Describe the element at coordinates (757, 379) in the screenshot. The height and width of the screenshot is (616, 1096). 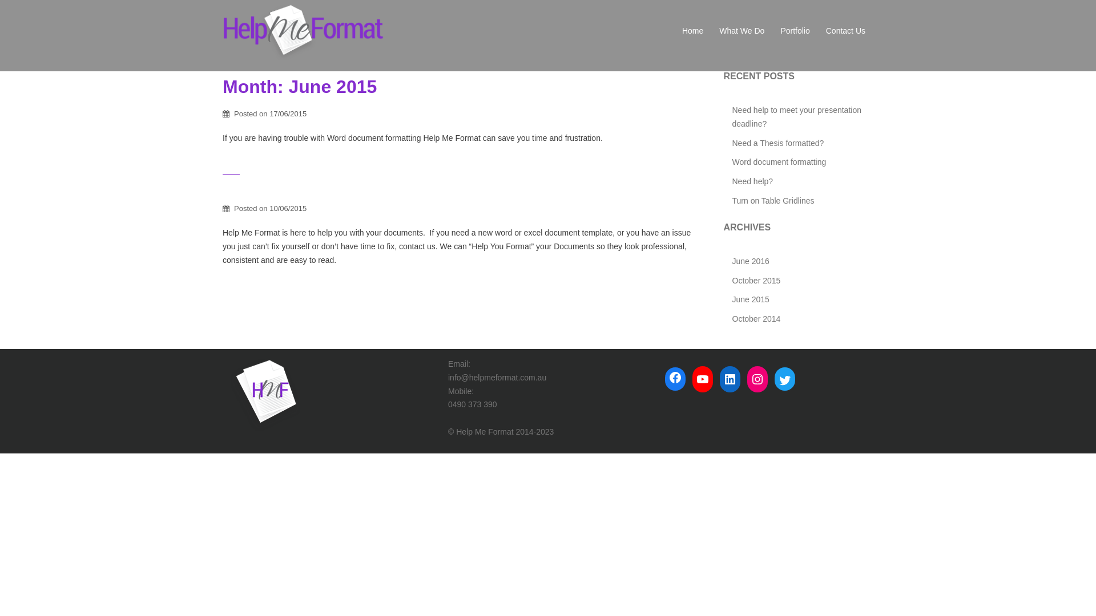
I see `'Instagram'` at that location.